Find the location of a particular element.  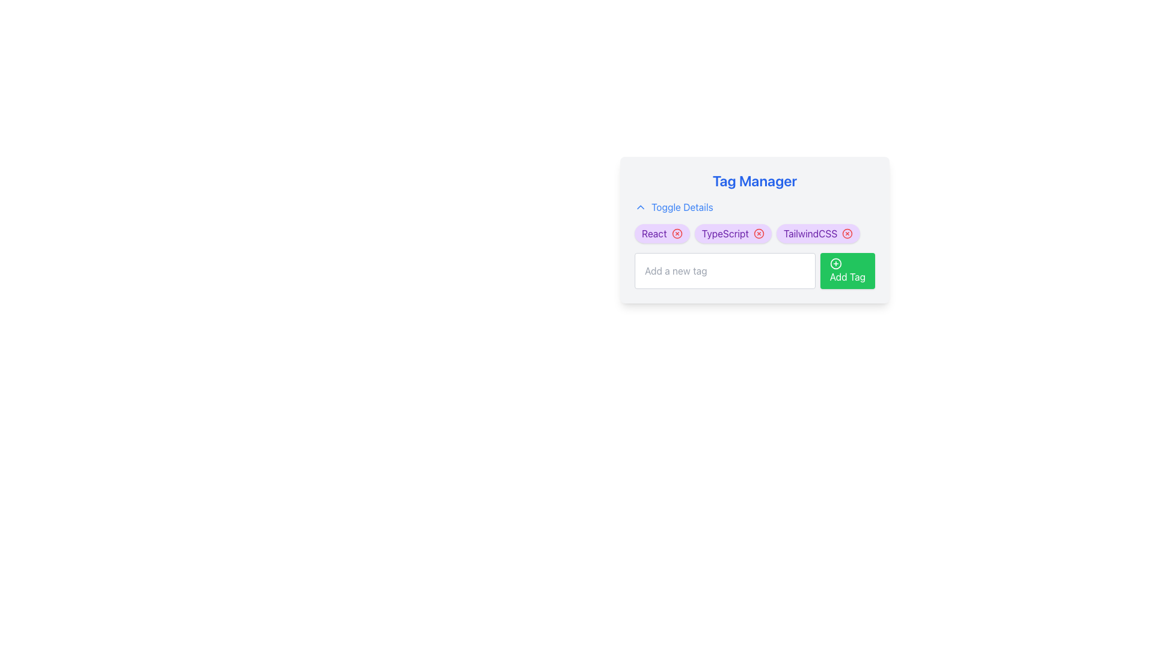

the 'X' icon on the Pill-shaped tag labeled 'TypeScript' is located at coordinates (732, 234).